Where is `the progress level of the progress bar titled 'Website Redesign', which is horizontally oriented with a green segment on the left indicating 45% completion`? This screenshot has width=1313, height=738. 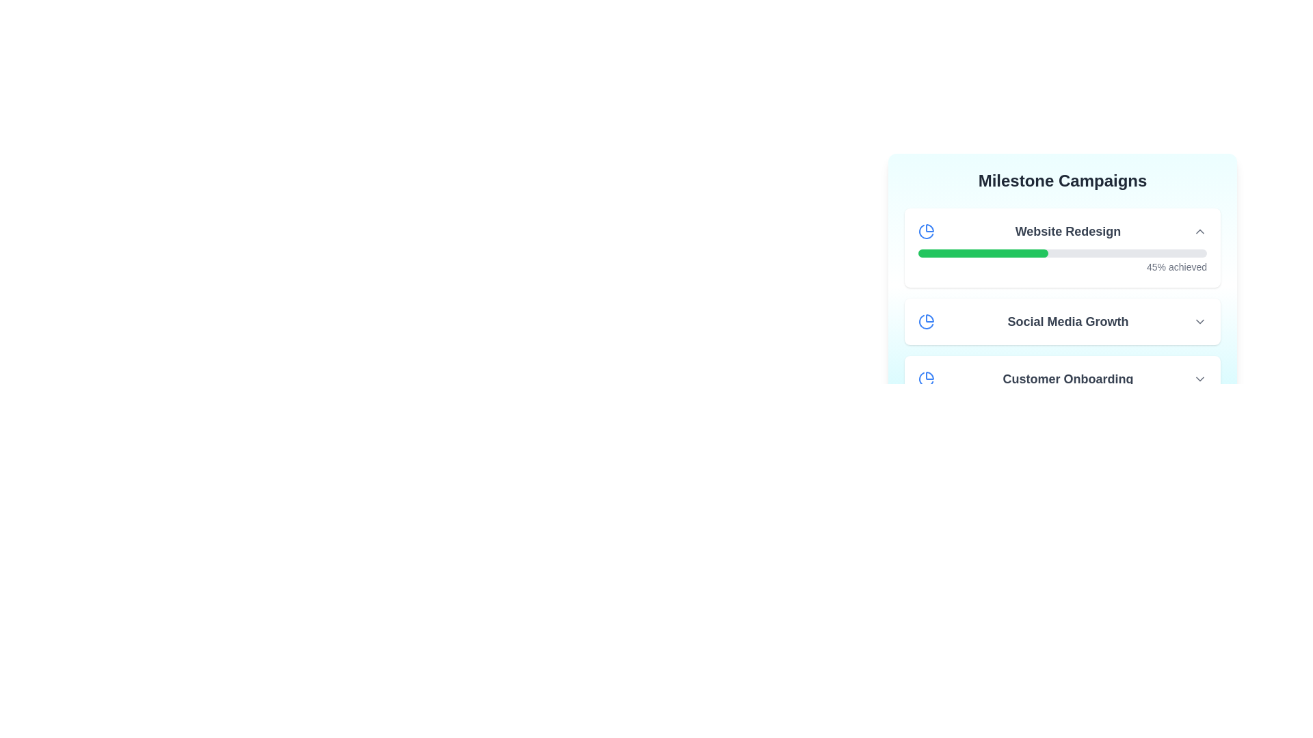 the progress level of the progress bar titled 'Website Redesign', which is horizontally oriented with a green segment on the left indicating 45% completion is located at coordinates (1062, 260).